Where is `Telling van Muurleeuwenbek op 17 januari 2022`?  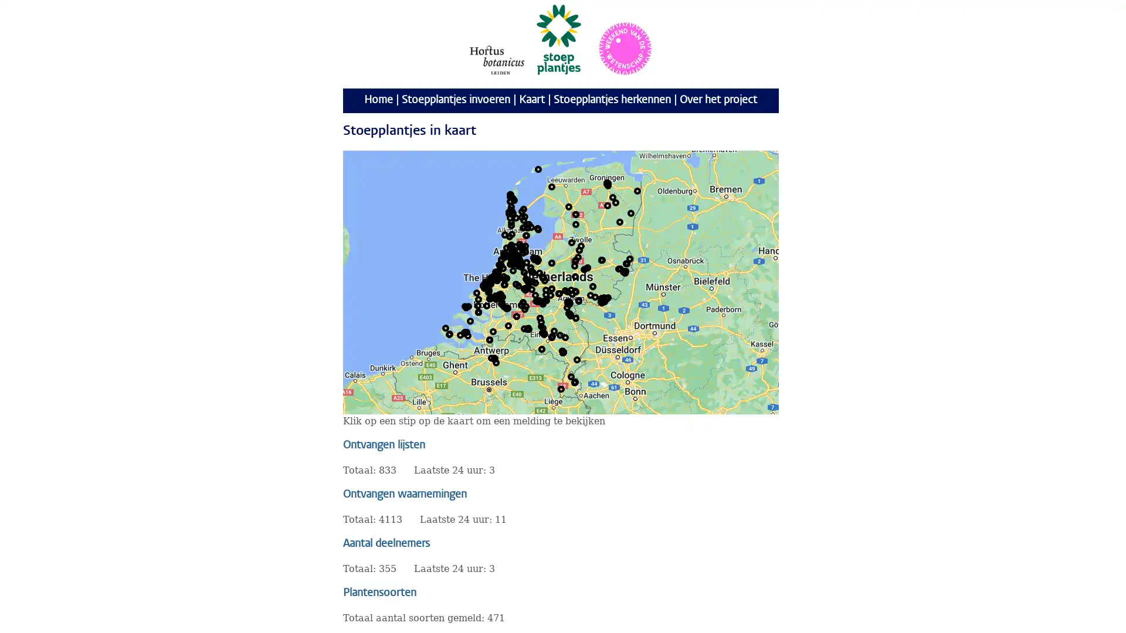
Telling van Muurleeuwenbek op 17 januari 2022 is located at coordinates (624, 271).